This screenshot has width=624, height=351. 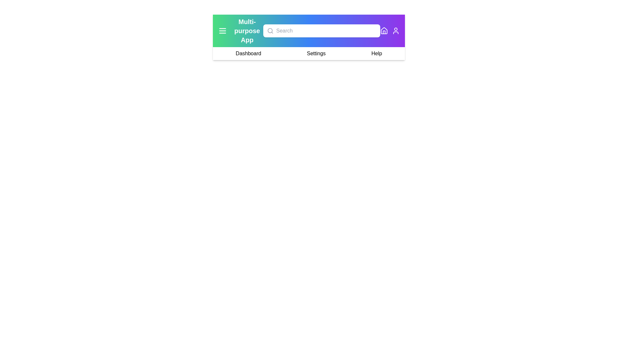 What do you see at coordinates (248, 53) in the screenshot?
I see `the 'Dashboard' option in the navigation bar` at bounding box center [248, 53].